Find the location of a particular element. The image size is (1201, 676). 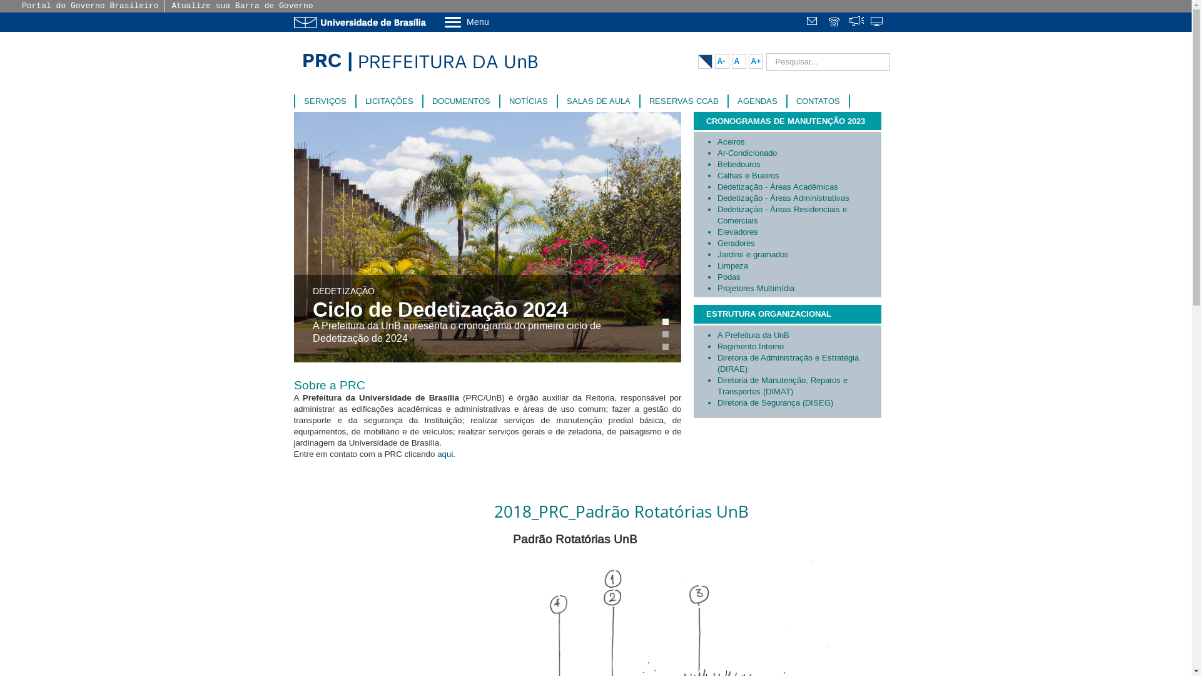

'aqui.  ' is located at coordinates (448, 454).